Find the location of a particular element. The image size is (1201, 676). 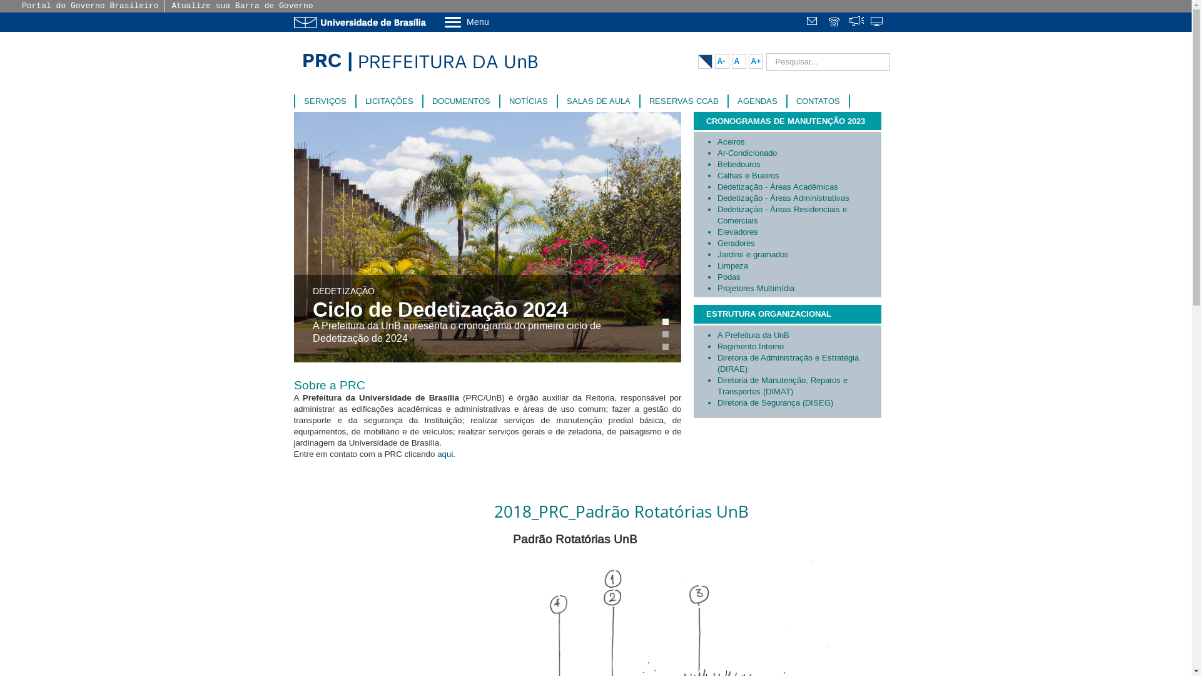

'aqui.  ' is located at coordinates (448, 454).